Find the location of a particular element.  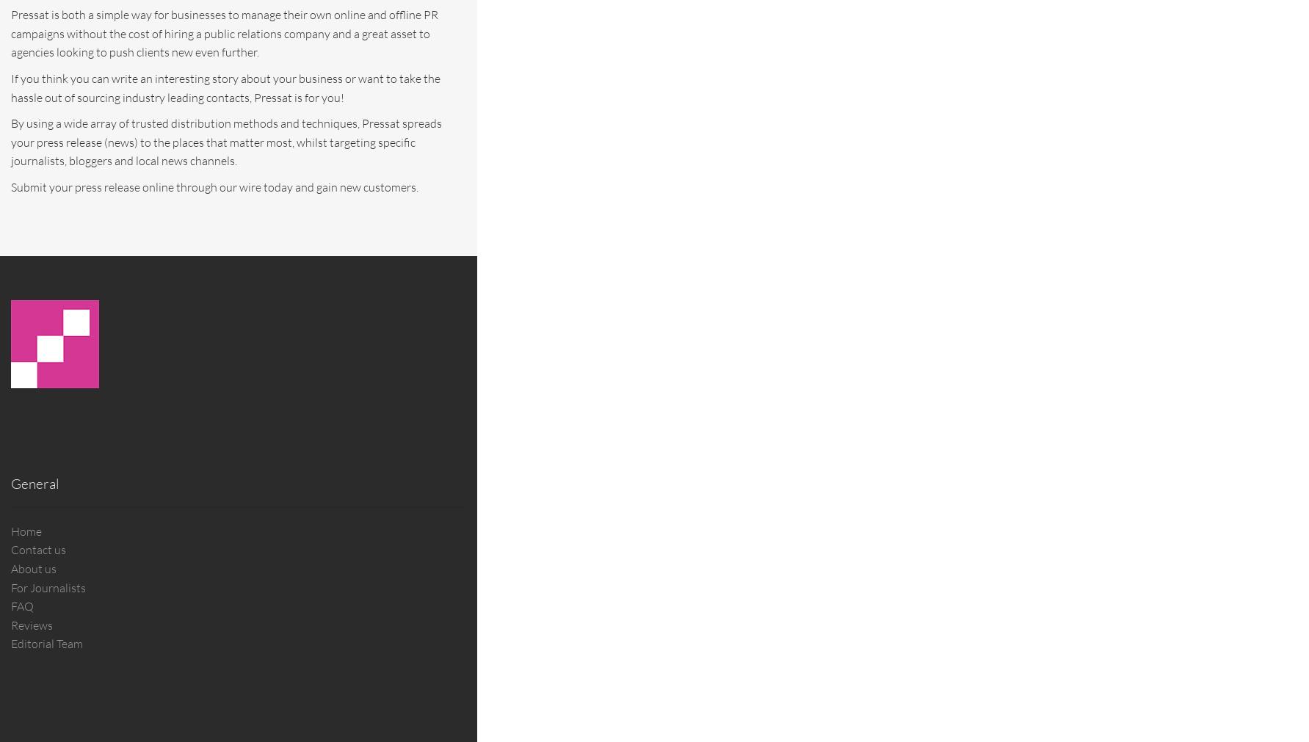

'For Journalists' is located at coordinates (10, 586).